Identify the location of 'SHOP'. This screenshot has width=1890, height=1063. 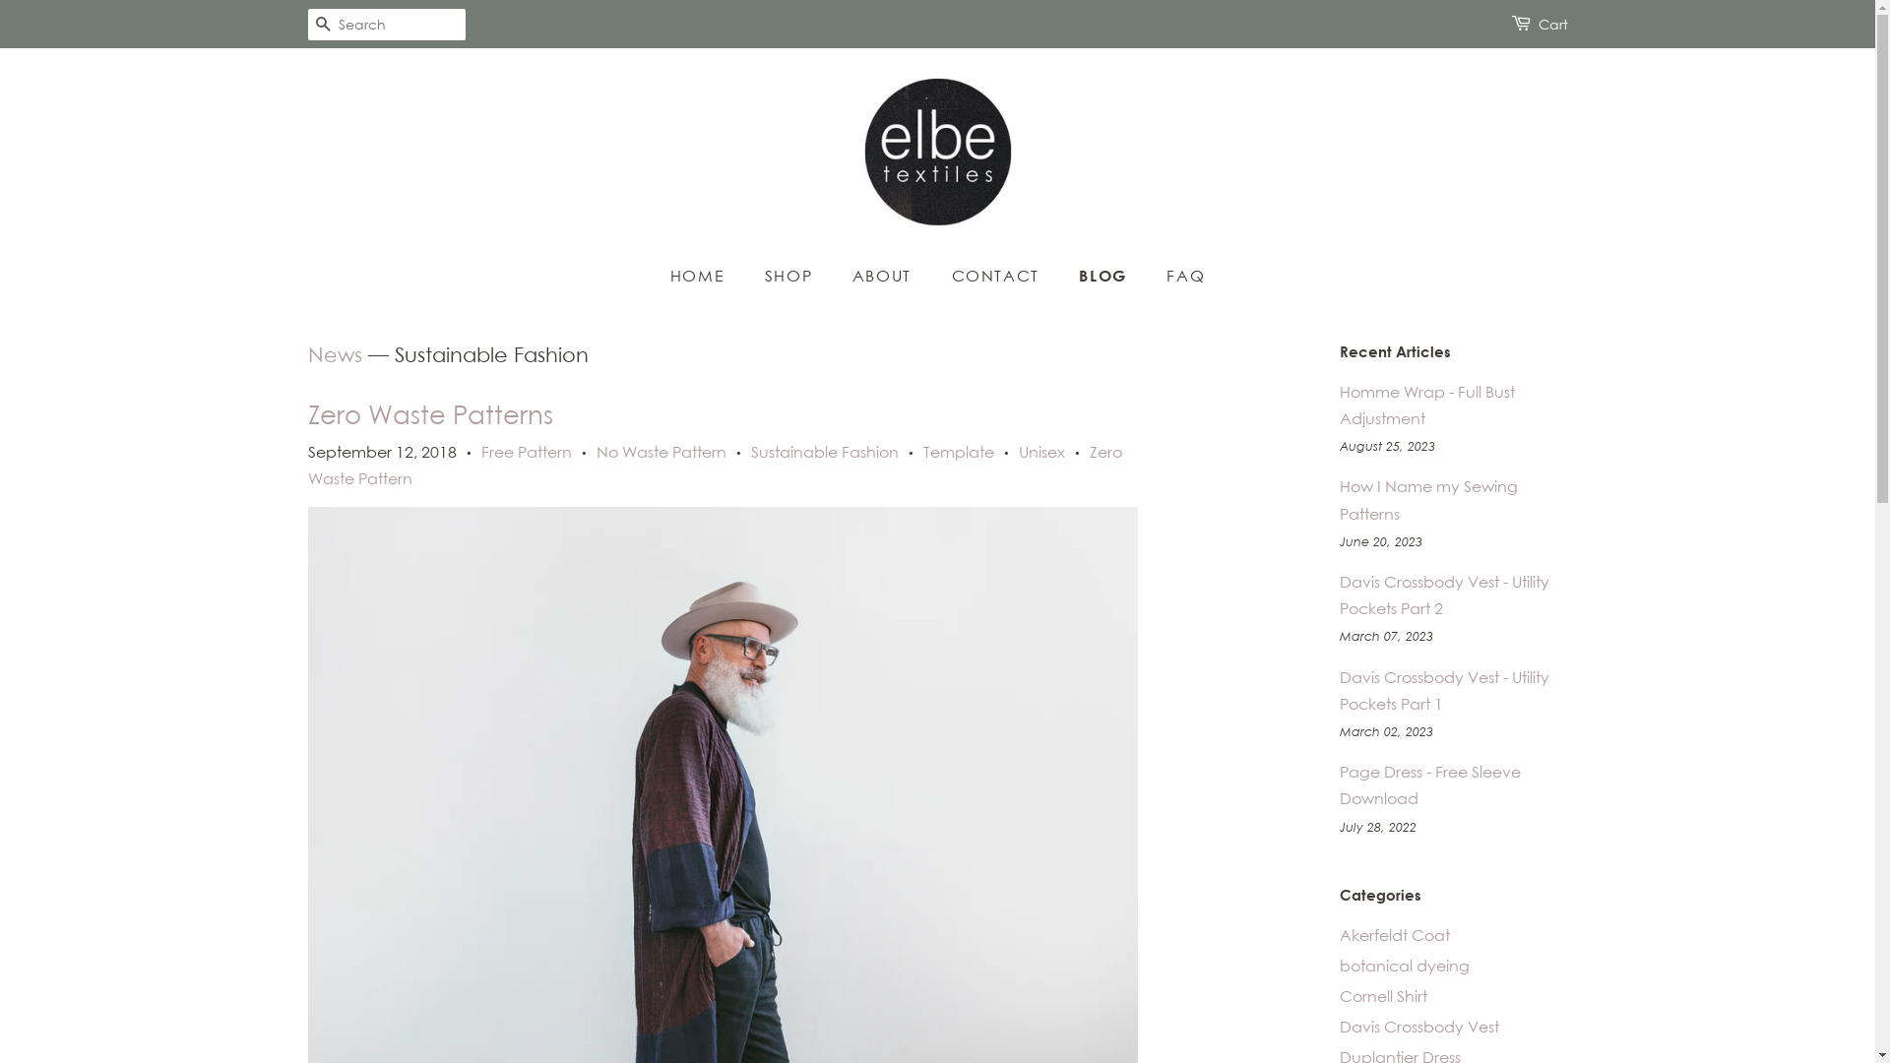
(790, 276).